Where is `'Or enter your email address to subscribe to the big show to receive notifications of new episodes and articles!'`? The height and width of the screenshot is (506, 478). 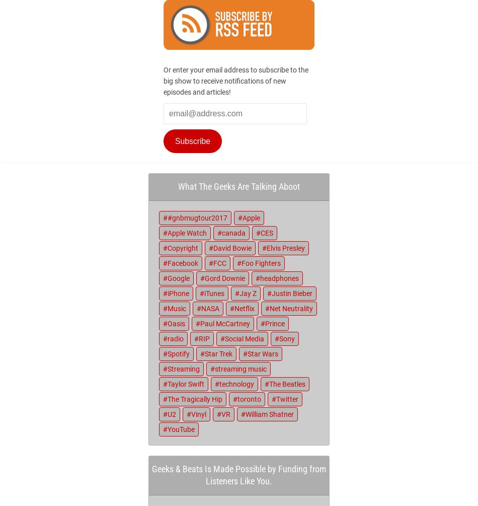 'Or enter your email address to subscribe to the big show to receive notifications of new episodes and articles!' is located at coordinates (235, 81).